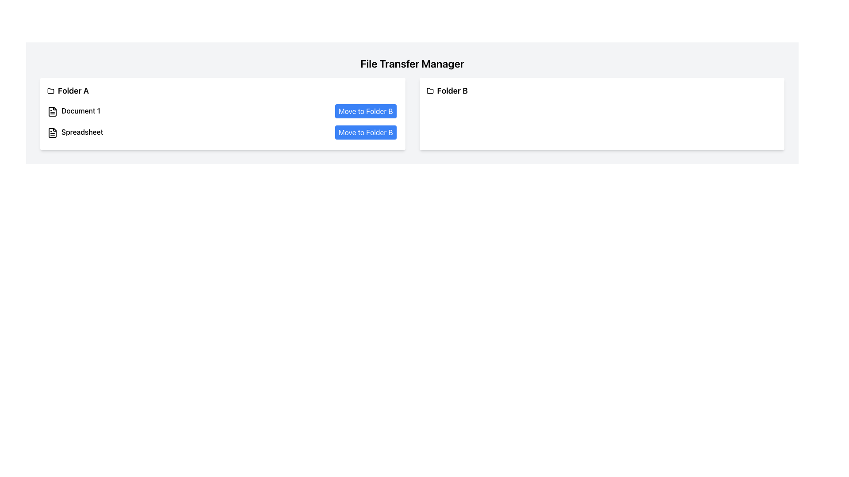 The image size is (849, 477). Describe the element at coordinates (430, 91) in the screenshot. I see `the folder icon located in the top left corner of the right section of the interface, near the label 'Folder B'` at that location.